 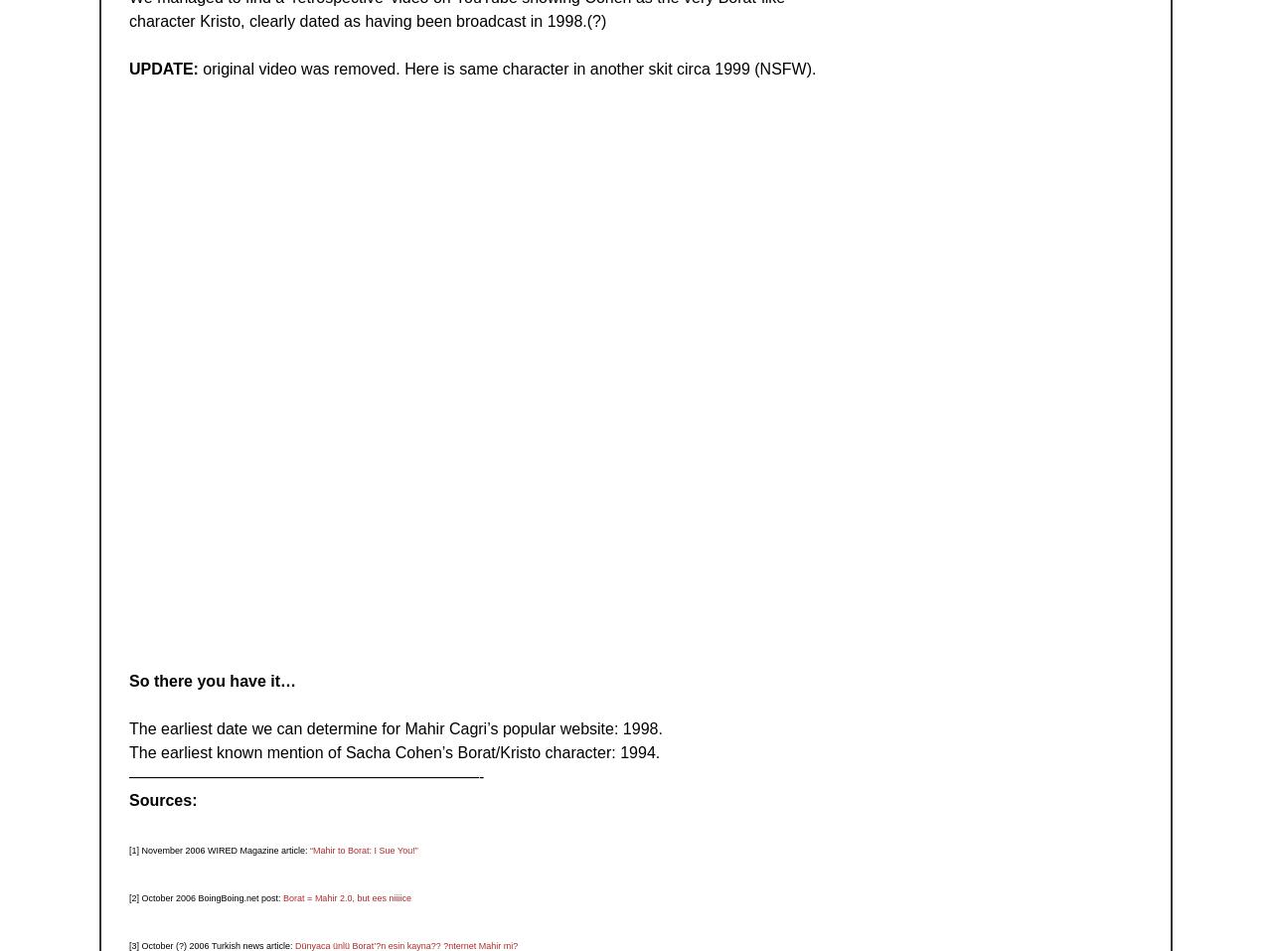 What do you see at coordinates (206, 897) in the screenshot?
I see `'[2] October 2006 BoingBoing.net post:'` at bounding box center [206, 897].